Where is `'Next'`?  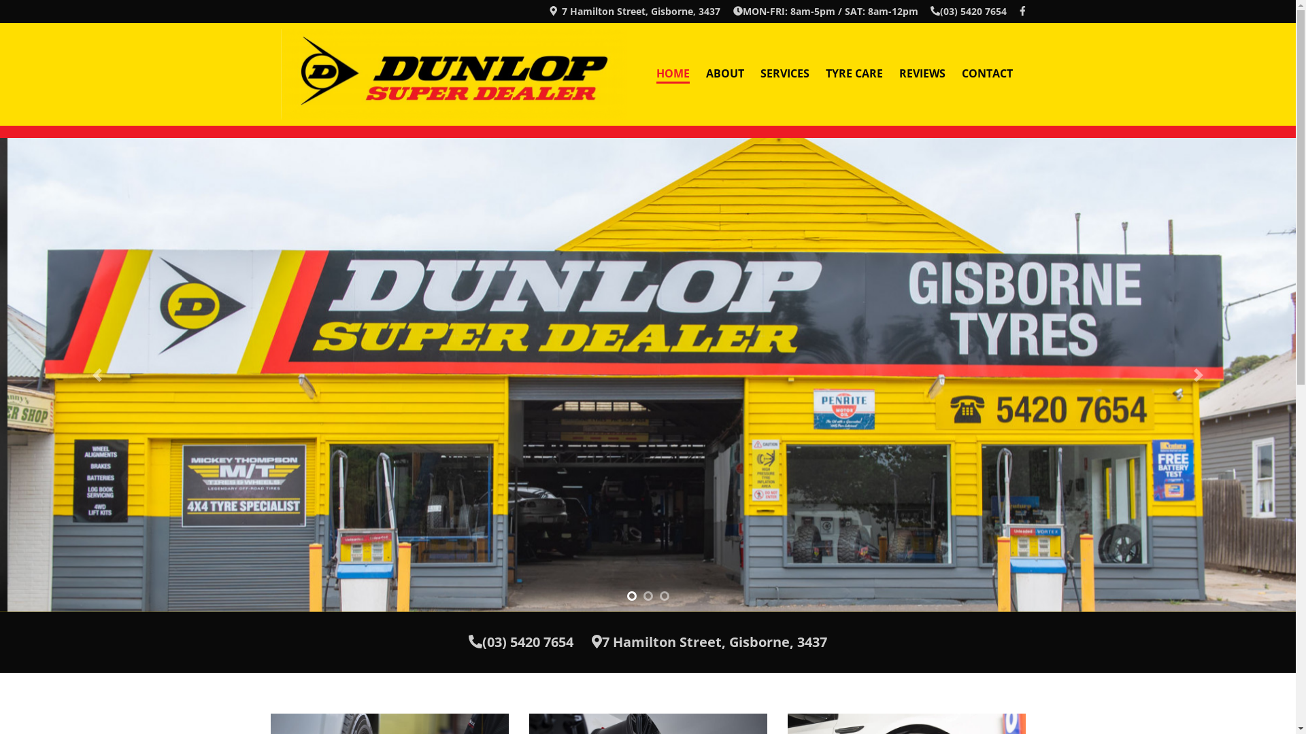
'Next' is located at coordinates (1198, 374).